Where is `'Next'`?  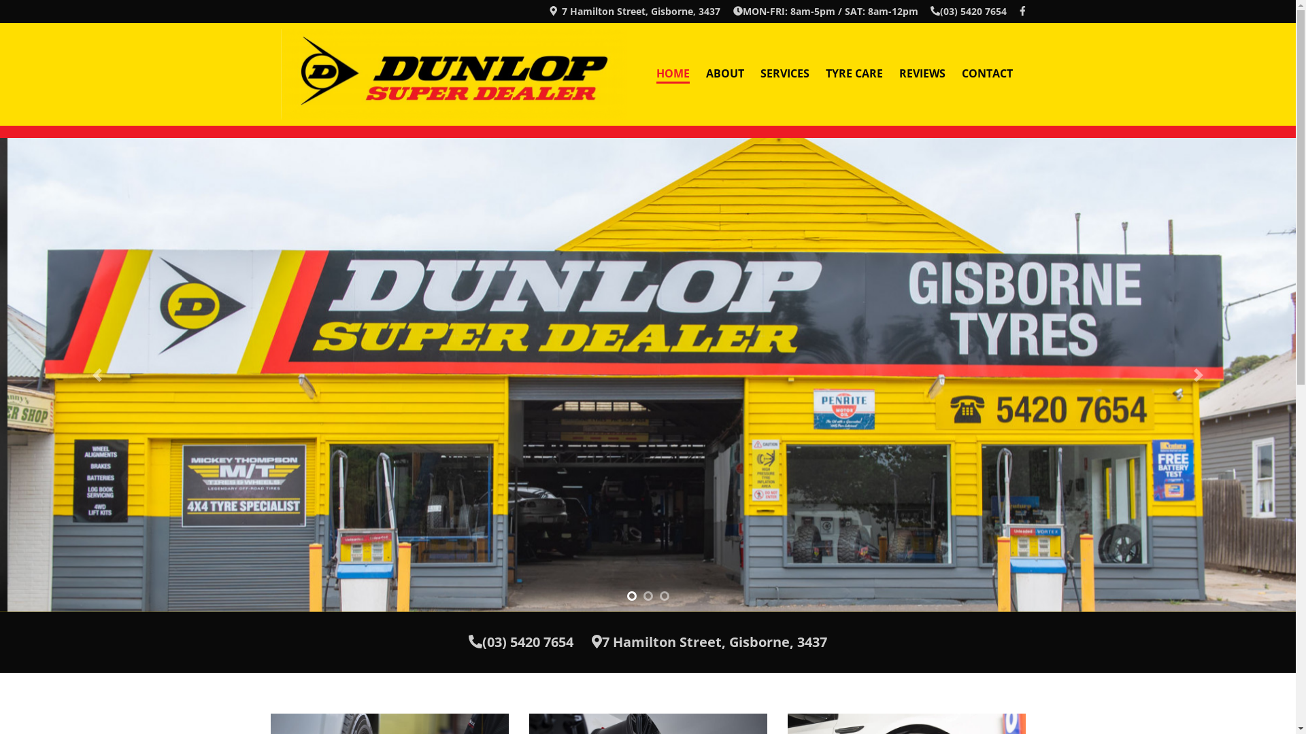
'Next' is located at coordinates (1198, 374).